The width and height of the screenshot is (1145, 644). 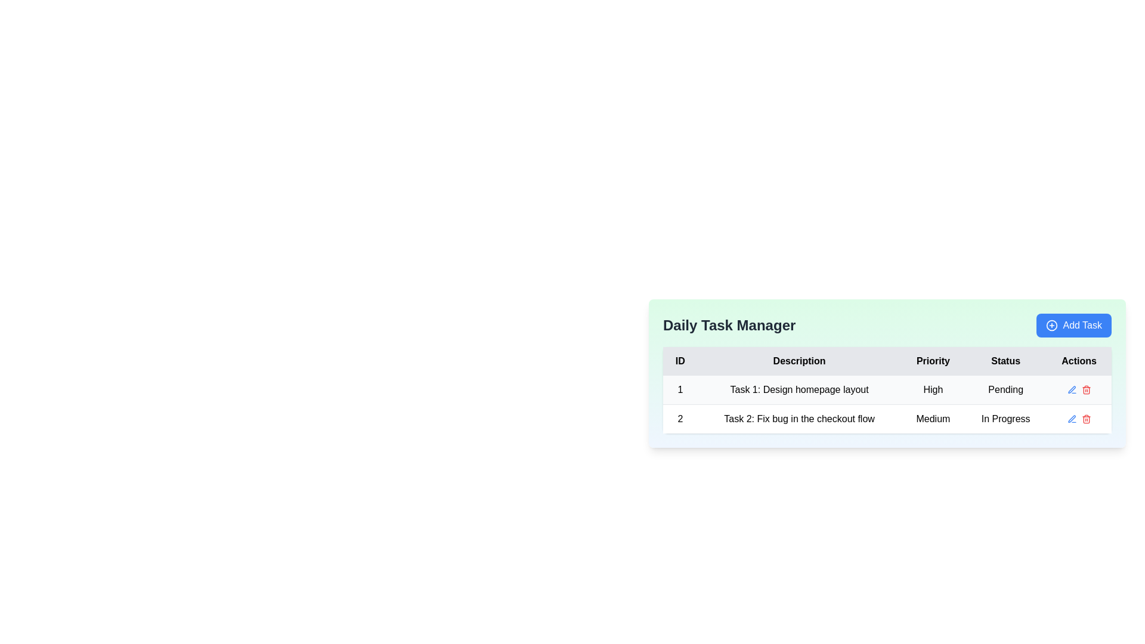 I want to click on the table cell displaying the number '1', which is the first cell in the first row under the 'ID' column, so click(x=680, y=390).